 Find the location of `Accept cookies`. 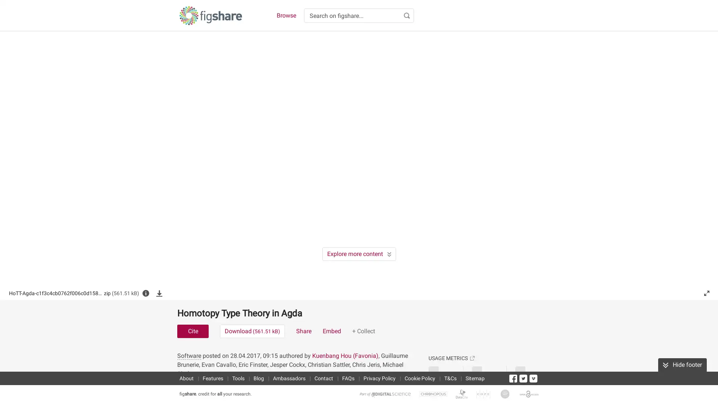

Accept cookies is located at coordinates (513, 12).